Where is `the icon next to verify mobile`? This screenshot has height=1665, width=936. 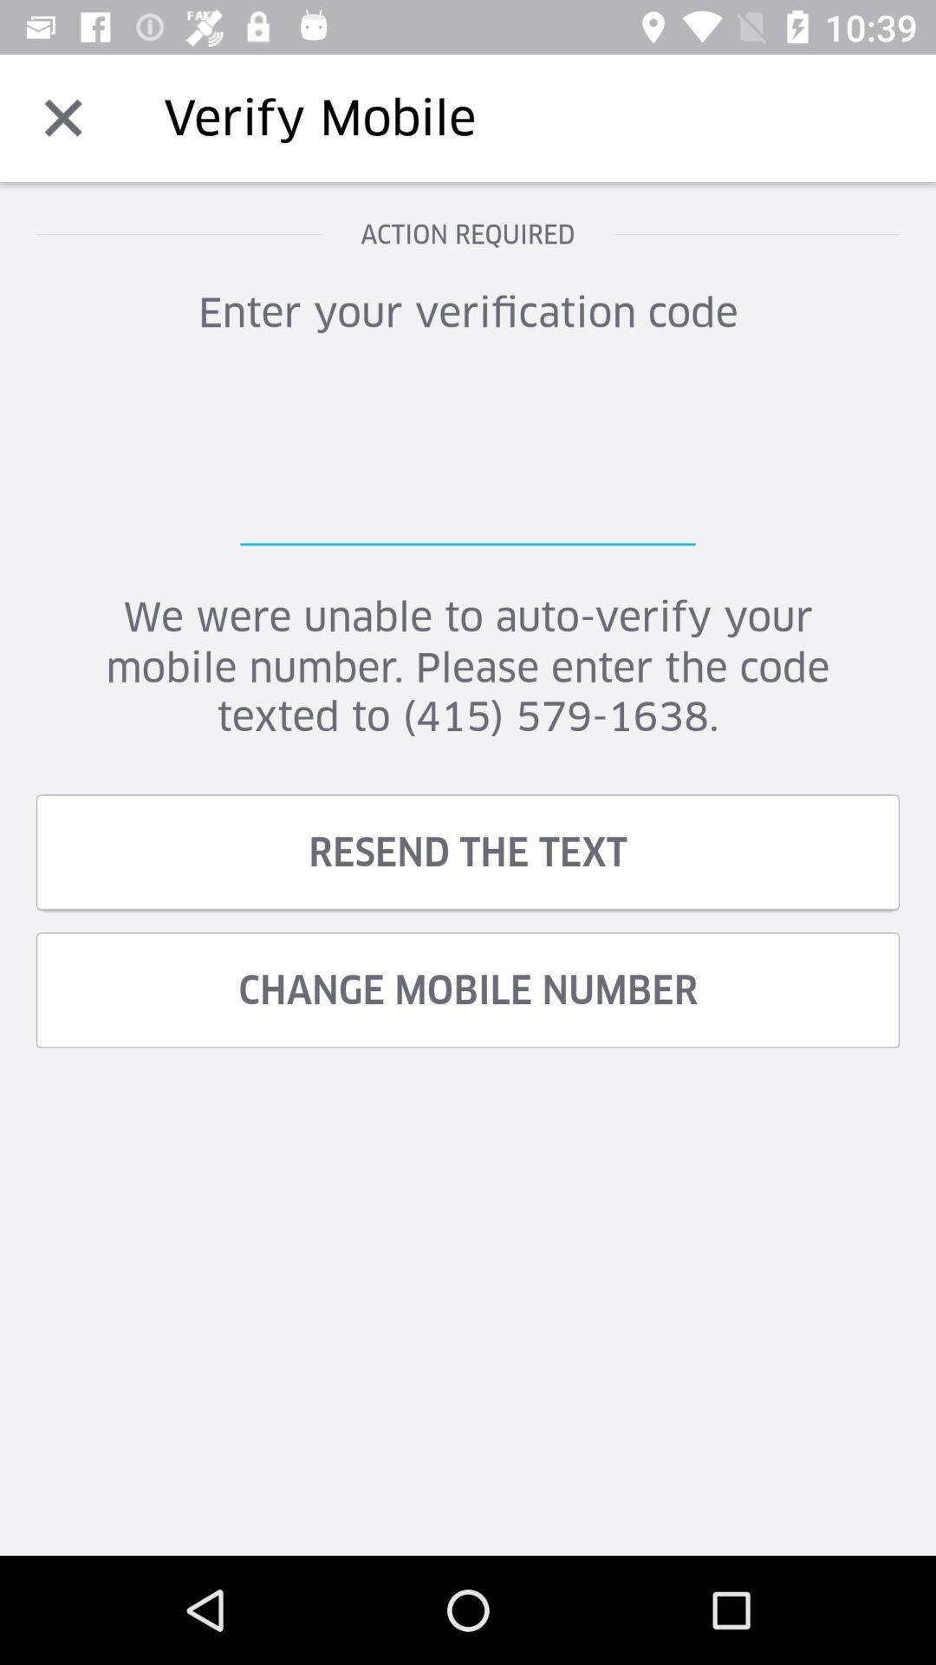
the icon next to verify mobile is located at coordinates (62, 117).